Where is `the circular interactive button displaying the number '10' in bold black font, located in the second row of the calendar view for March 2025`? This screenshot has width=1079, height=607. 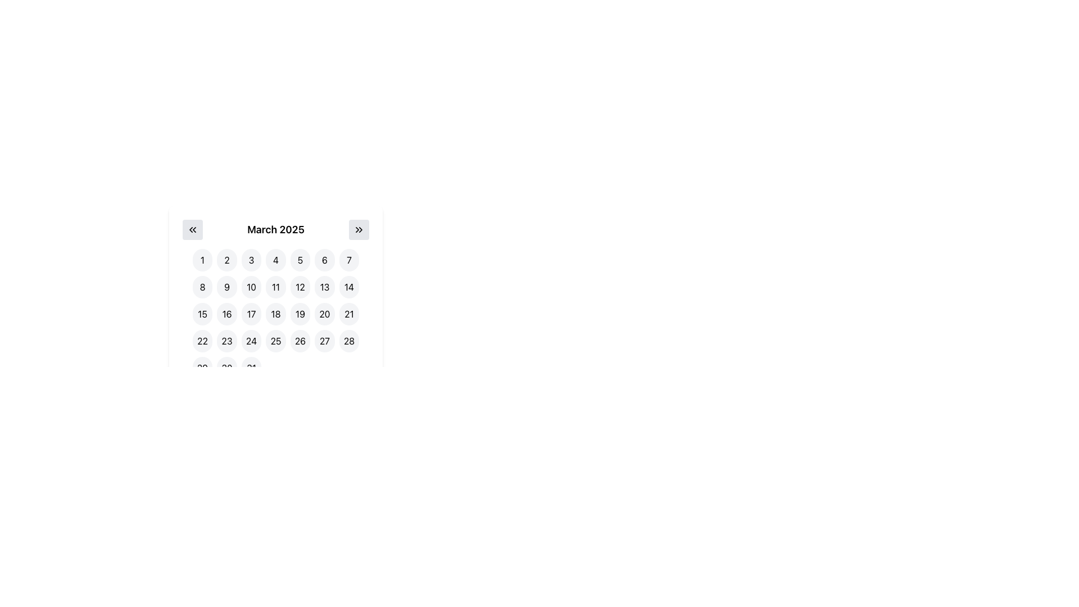 the circular interactive button displaying the number '10' in bold black font, located in the second row of the calendar view for March 2025 is located at coordinates (251, 286).